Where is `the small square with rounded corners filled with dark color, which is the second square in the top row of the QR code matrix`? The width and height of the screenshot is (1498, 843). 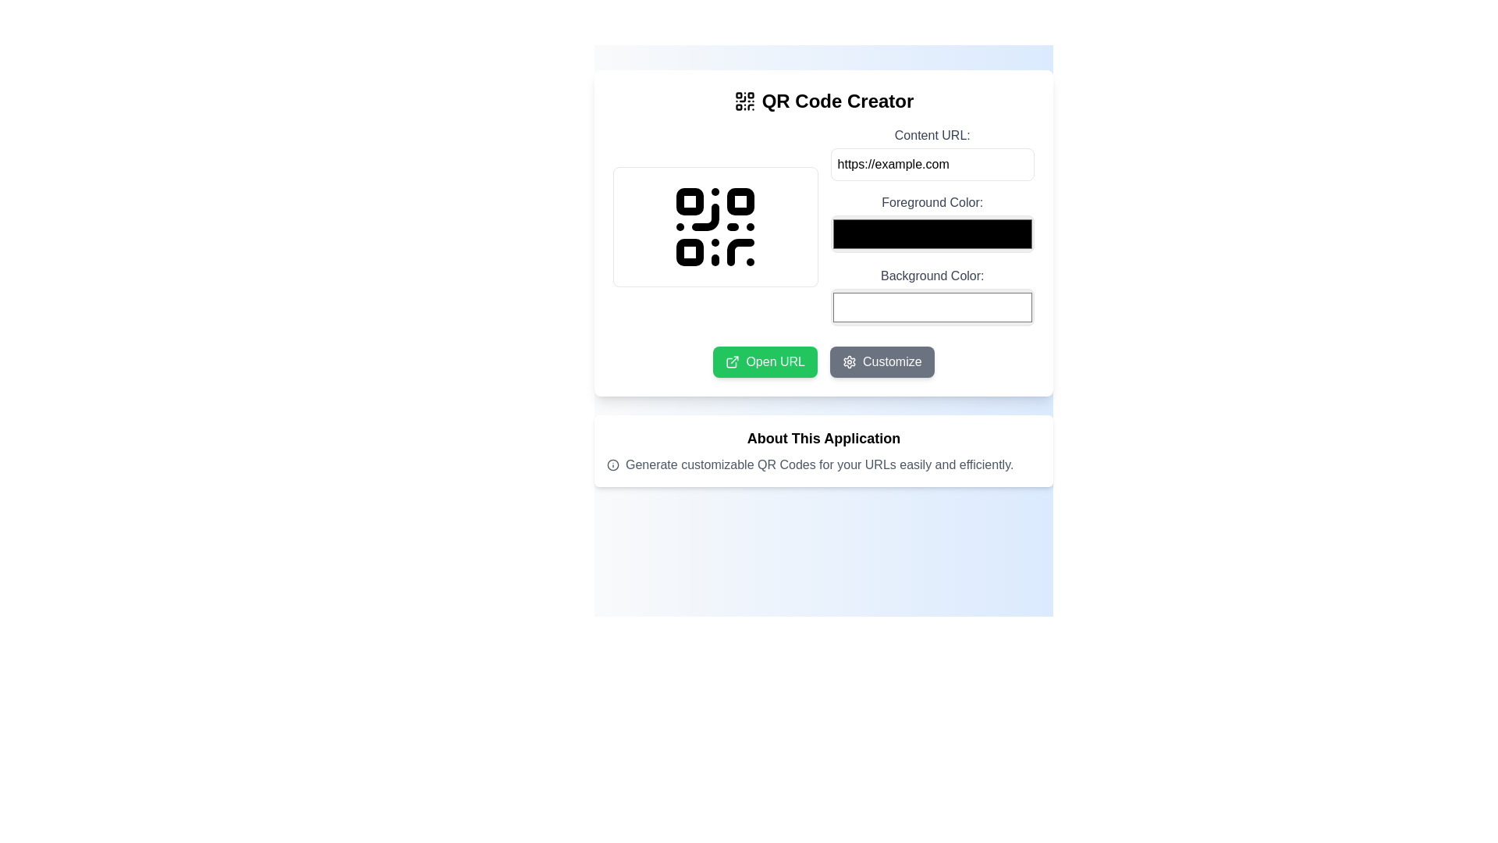 the small square with rounded corners filled with dark color, which is the second square in the top row of the QR code matrix is located at coordinates (740, 201).